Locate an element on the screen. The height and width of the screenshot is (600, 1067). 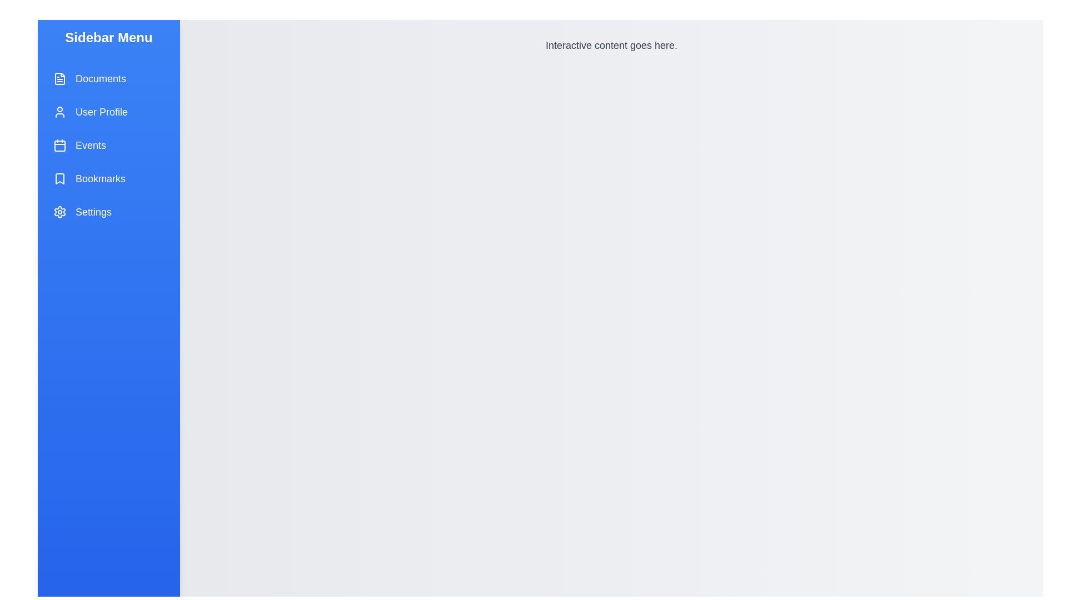
the menu item labeled User Profile is located at coordinates (109, 112).